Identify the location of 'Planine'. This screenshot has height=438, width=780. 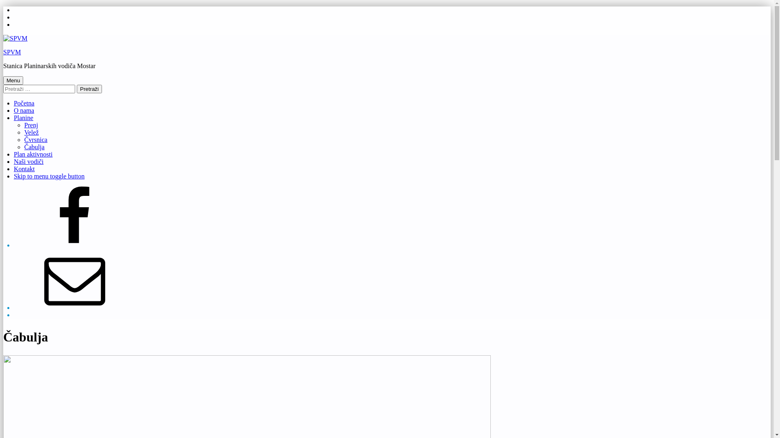
(23, 118).